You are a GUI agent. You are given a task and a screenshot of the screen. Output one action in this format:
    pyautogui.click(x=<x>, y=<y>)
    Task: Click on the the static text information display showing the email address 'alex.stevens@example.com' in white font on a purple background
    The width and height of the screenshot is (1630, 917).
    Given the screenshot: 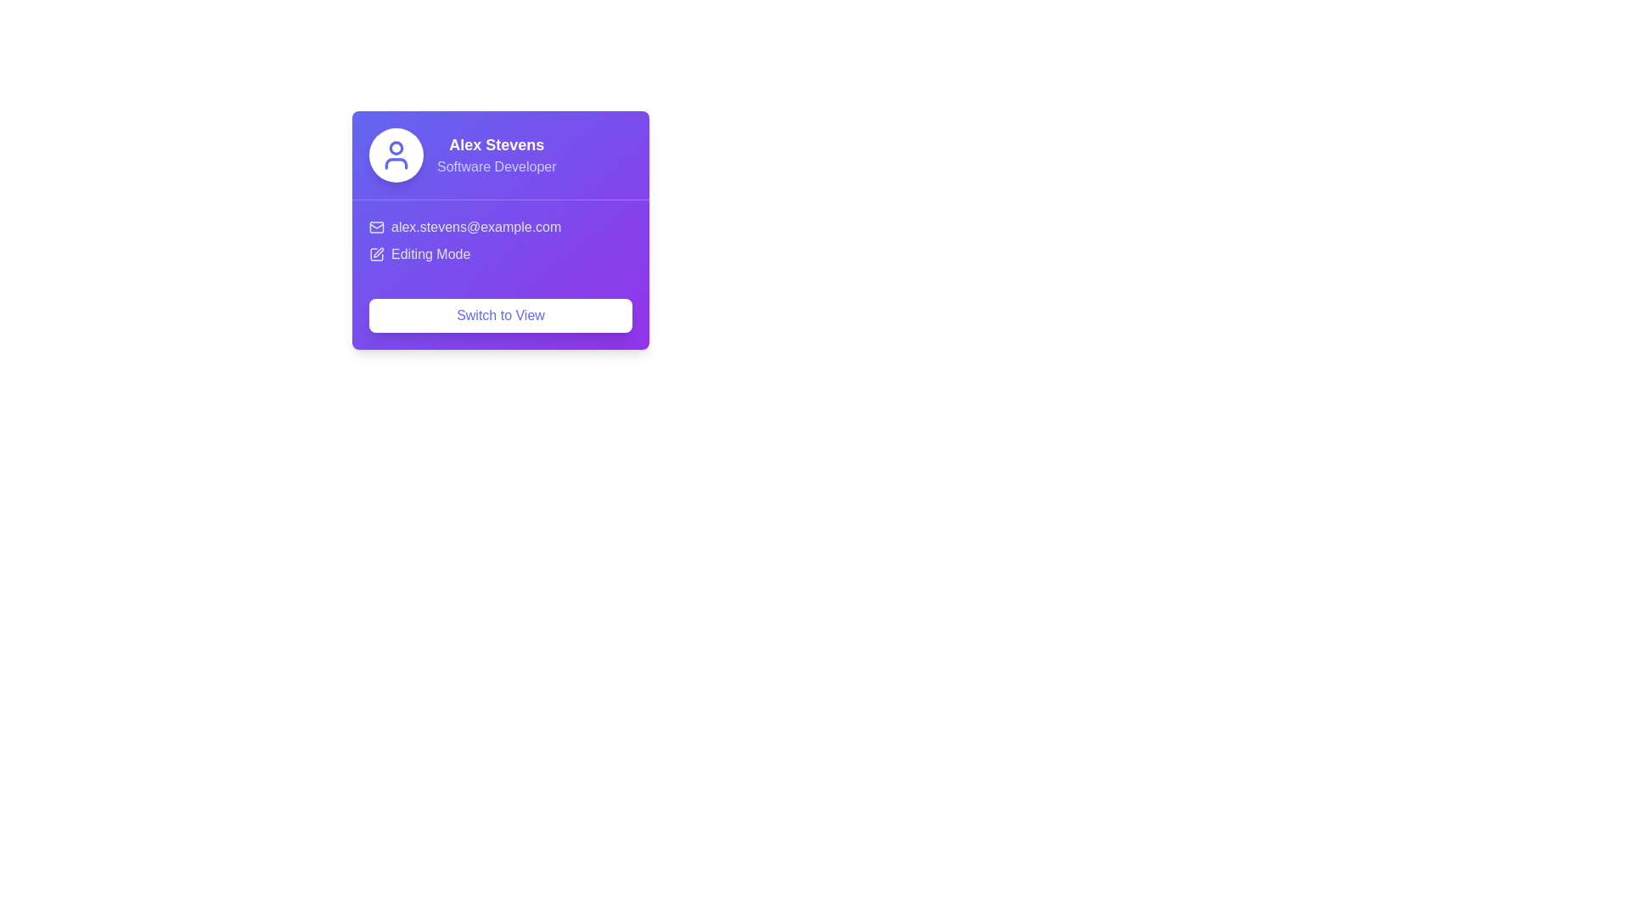 What is the action you would take?
    pyautogui.click(x=475, y=226)
    